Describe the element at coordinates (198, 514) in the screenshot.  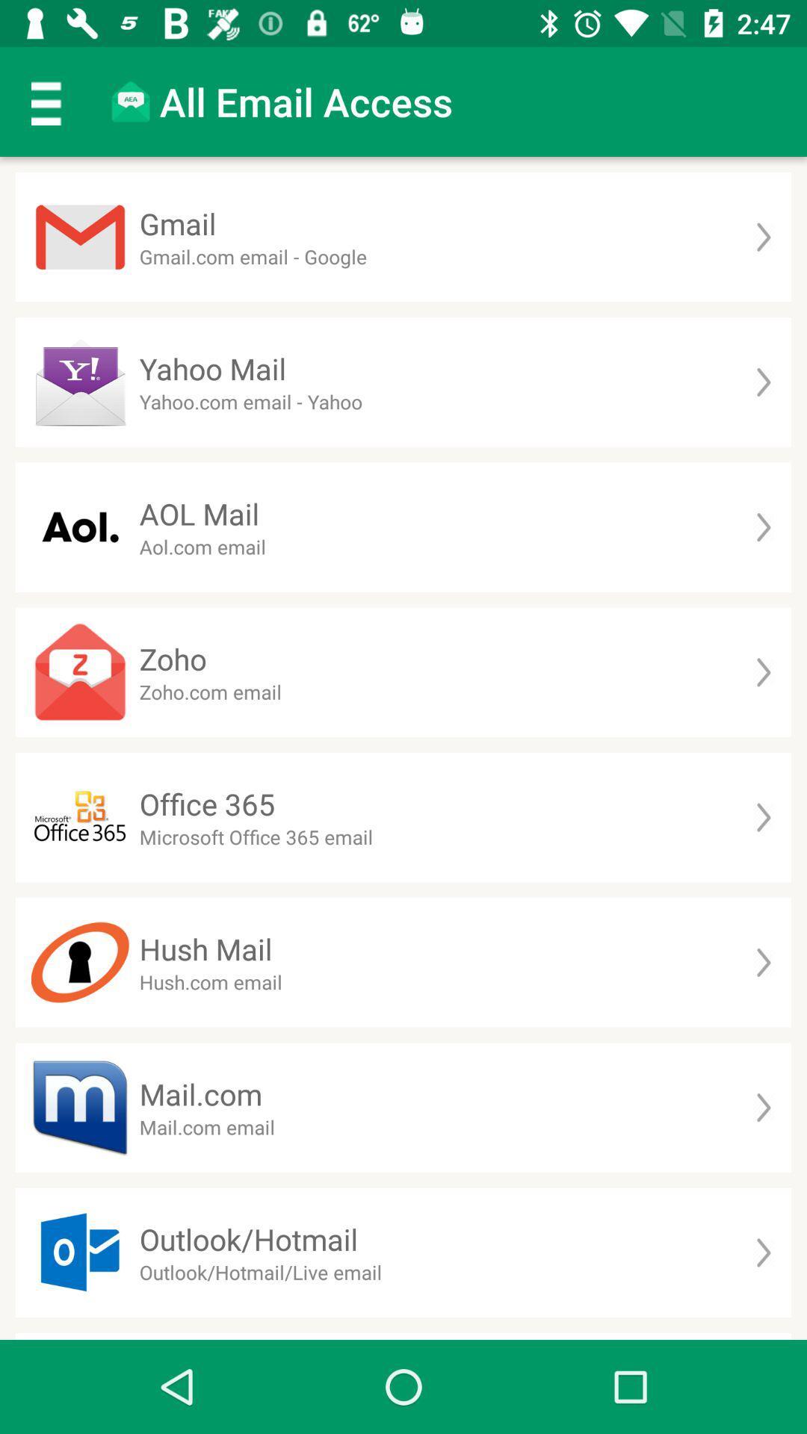
I see `aol mail app` at that location.